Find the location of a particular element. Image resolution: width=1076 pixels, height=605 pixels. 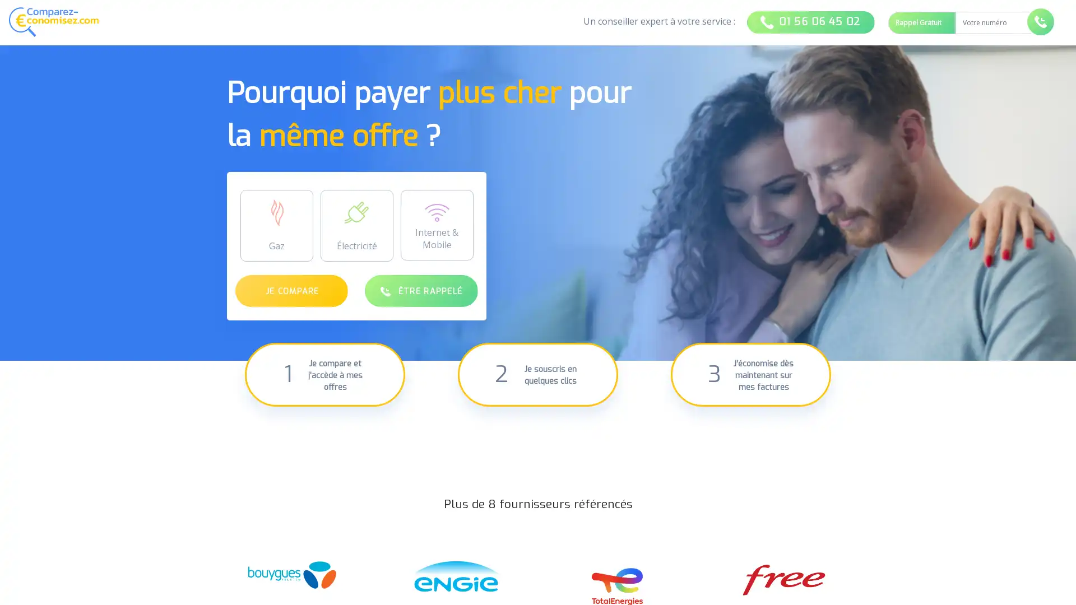

ETRE RAPPELE is located at coordinates (420, 290).